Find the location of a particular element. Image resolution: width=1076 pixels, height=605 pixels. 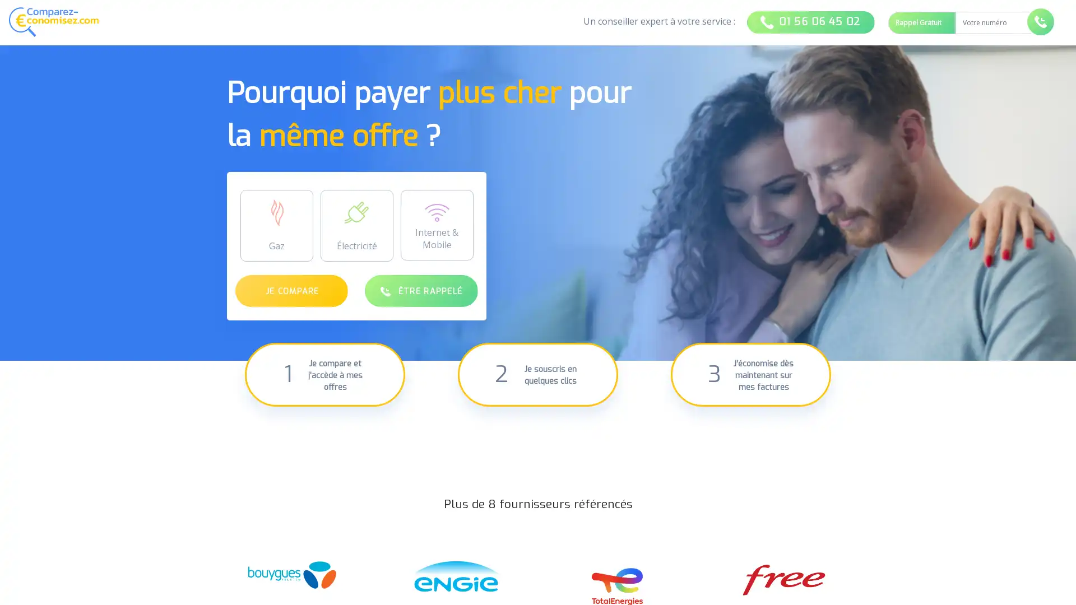

ETRE RAPPELE is located at coordinates (420, 290).